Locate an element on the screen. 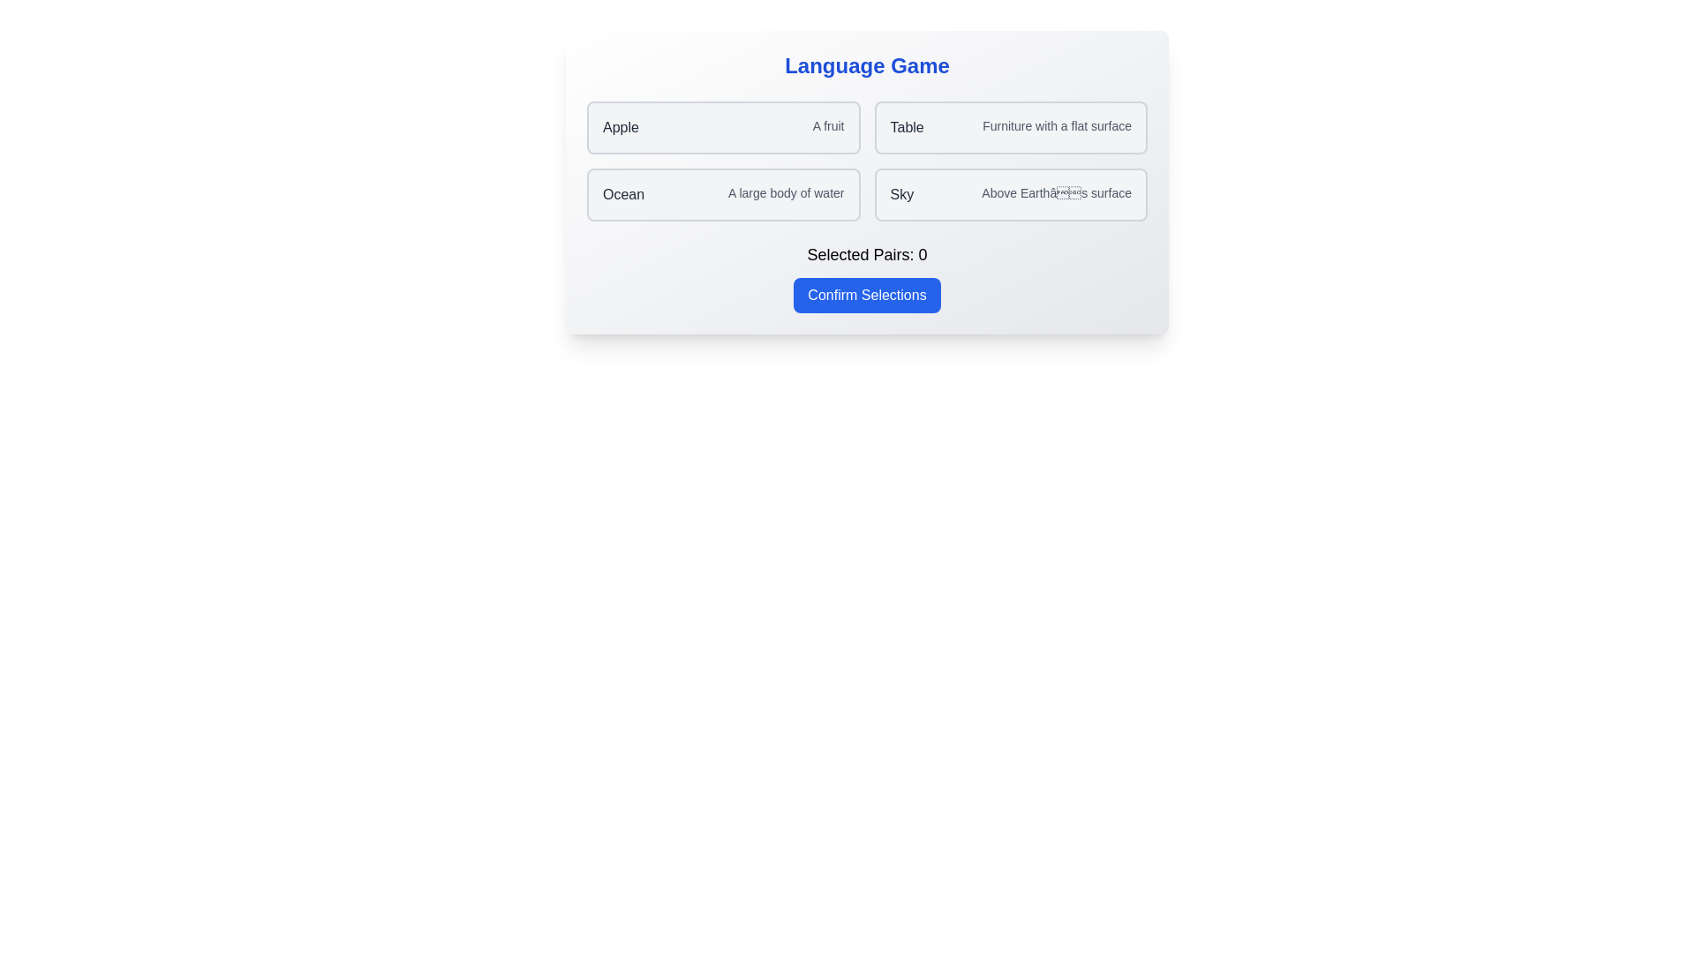 This screenshot has height=953, width=1695. the word-definition pair Table - Furniture with a flat surface is located at coordinates (1011, 127).